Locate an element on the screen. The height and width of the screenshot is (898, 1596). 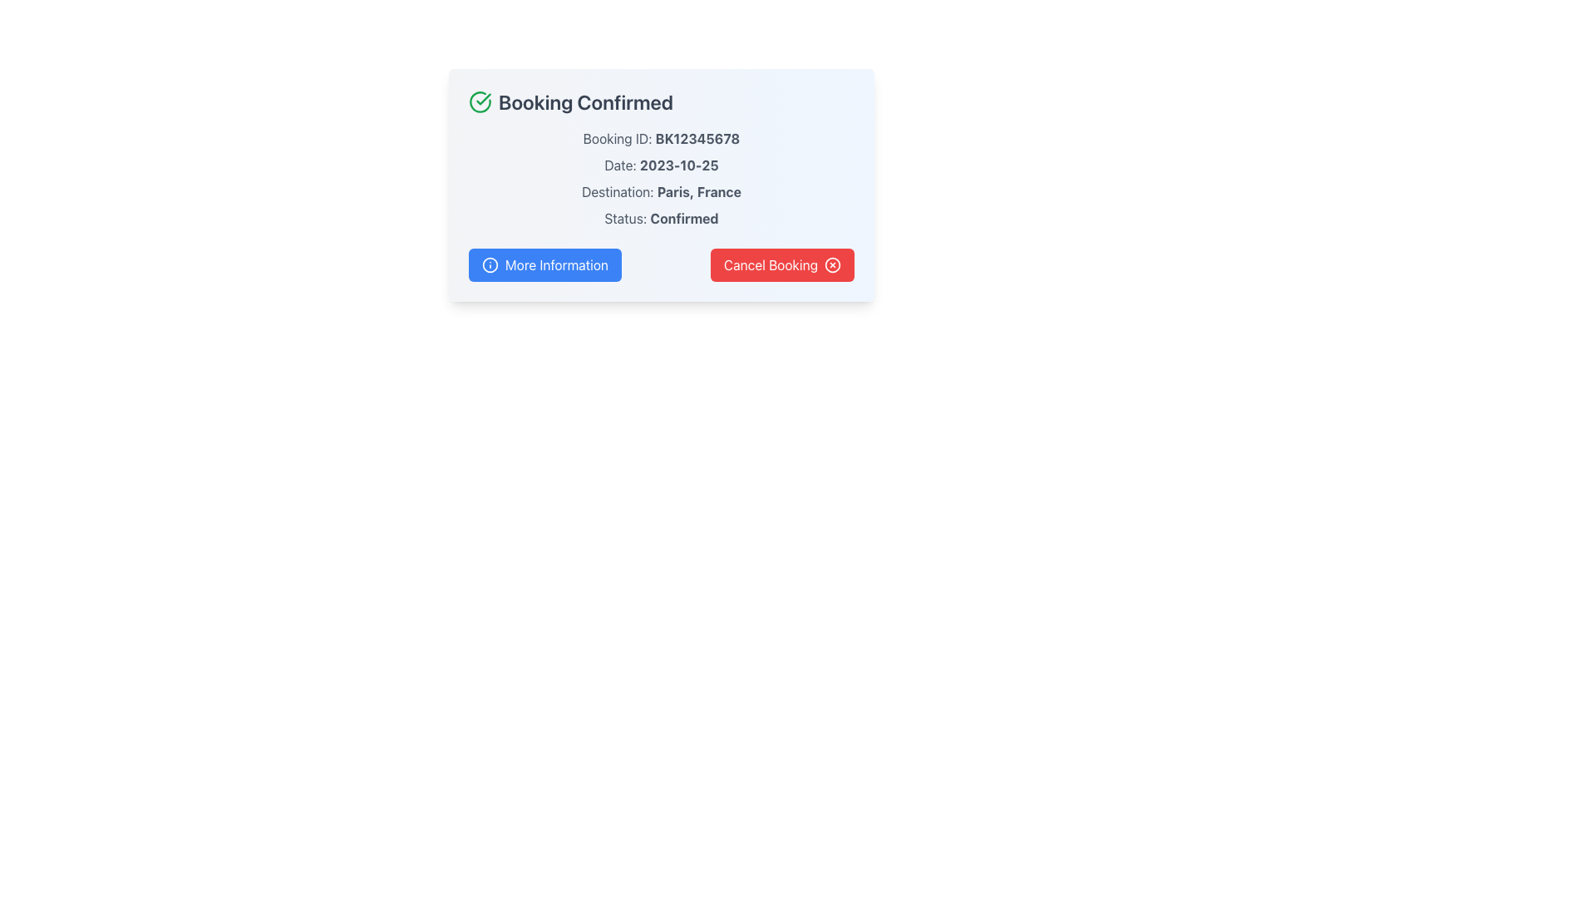
the cancel button located to the right of the 'More Information' blue button is located at coordinates (781, 264).